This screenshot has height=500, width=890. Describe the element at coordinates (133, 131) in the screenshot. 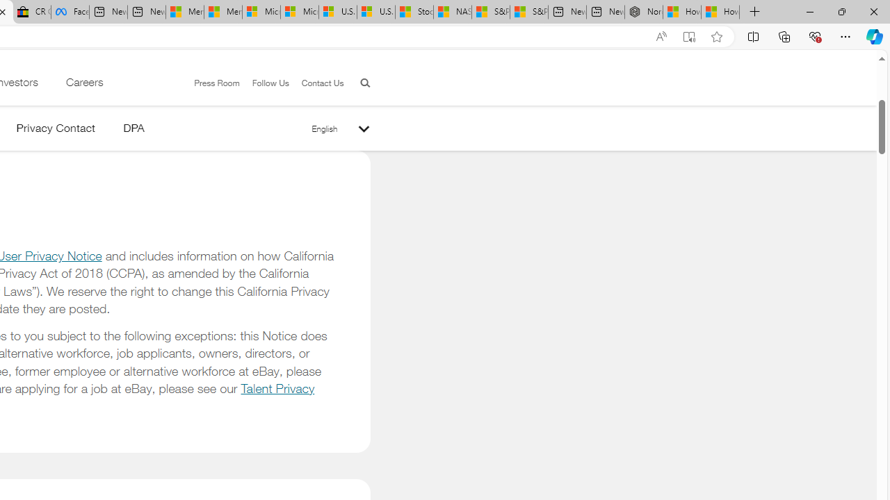

I see `'DPA'` at that location.